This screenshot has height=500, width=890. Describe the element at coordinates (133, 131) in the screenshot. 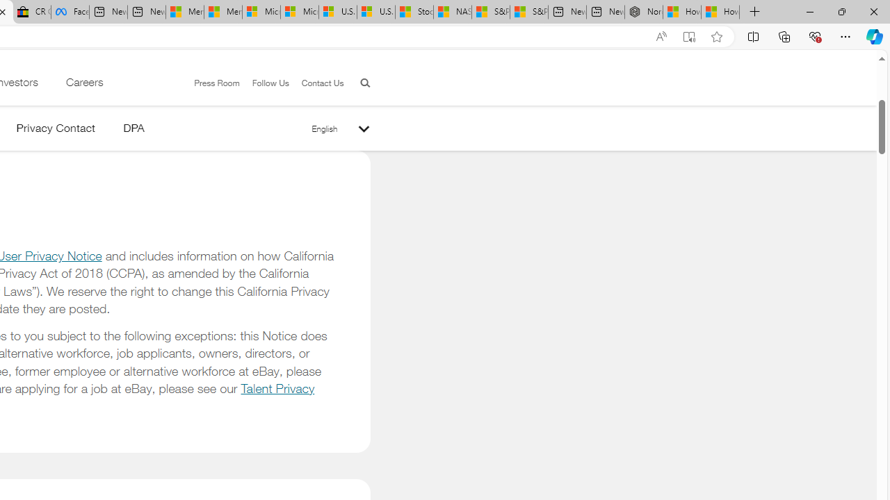

I see `'DPA'` at that location.